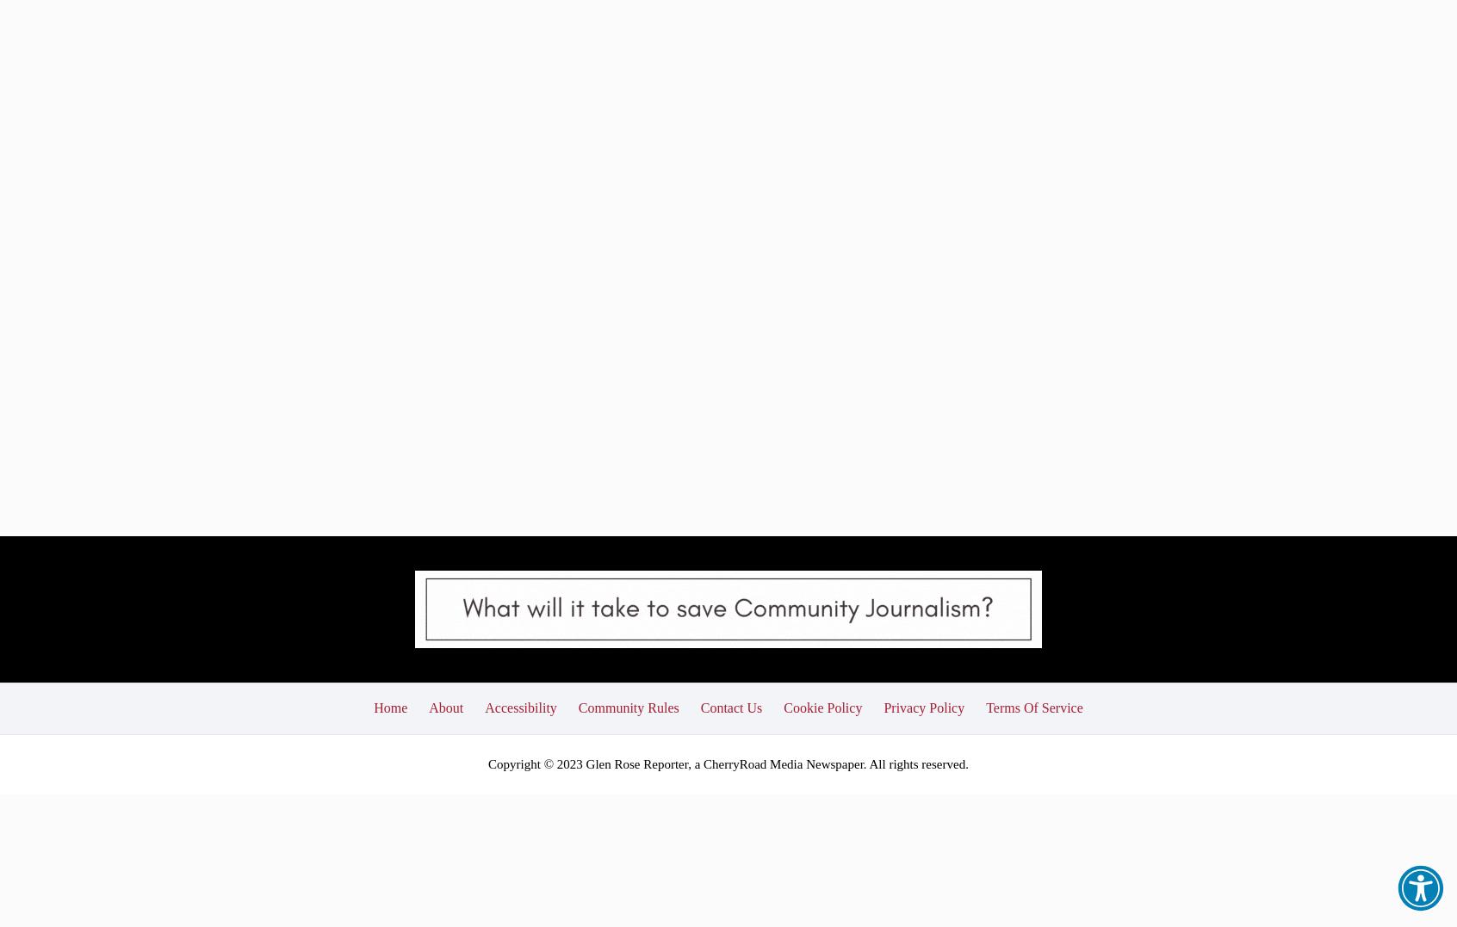  What do you see at coordinates (984, 575) in the screenshot?
I see `'Terms of Service'` at bounding box center [984, 575].